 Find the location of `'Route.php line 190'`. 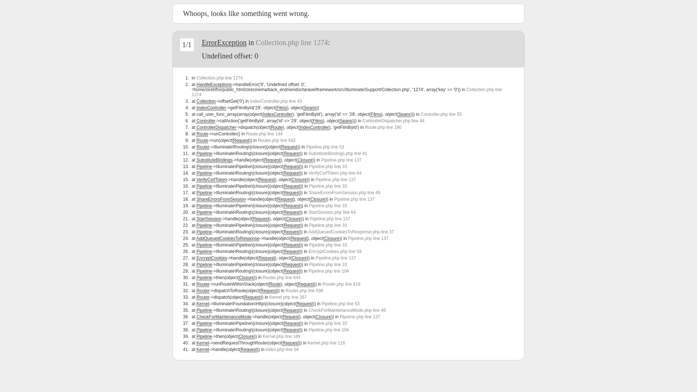

'Route.php line 190' is located at coordinates (383, 127).